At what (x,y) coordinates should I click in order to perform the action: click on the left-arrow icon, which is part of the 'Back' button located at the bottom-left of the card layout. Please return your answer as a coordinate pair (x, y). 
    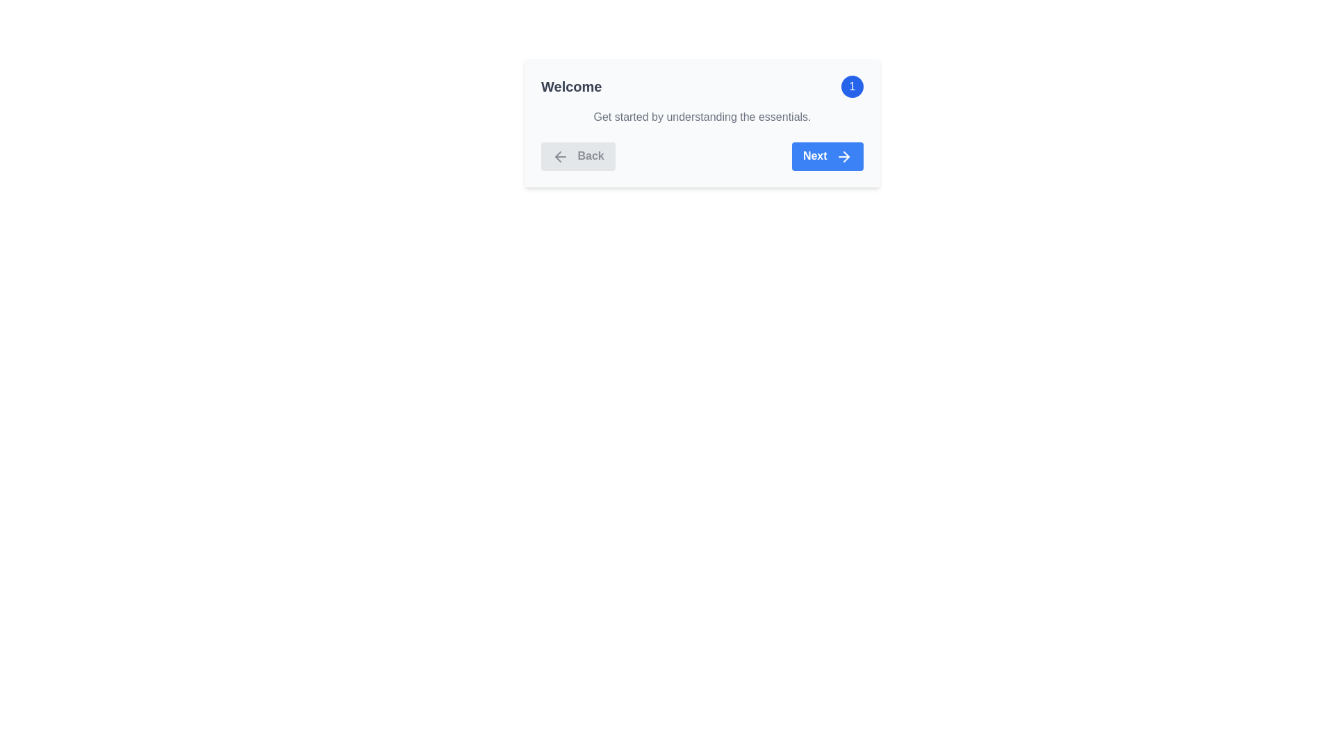
    Looking at the image, I should click on (560, 156).